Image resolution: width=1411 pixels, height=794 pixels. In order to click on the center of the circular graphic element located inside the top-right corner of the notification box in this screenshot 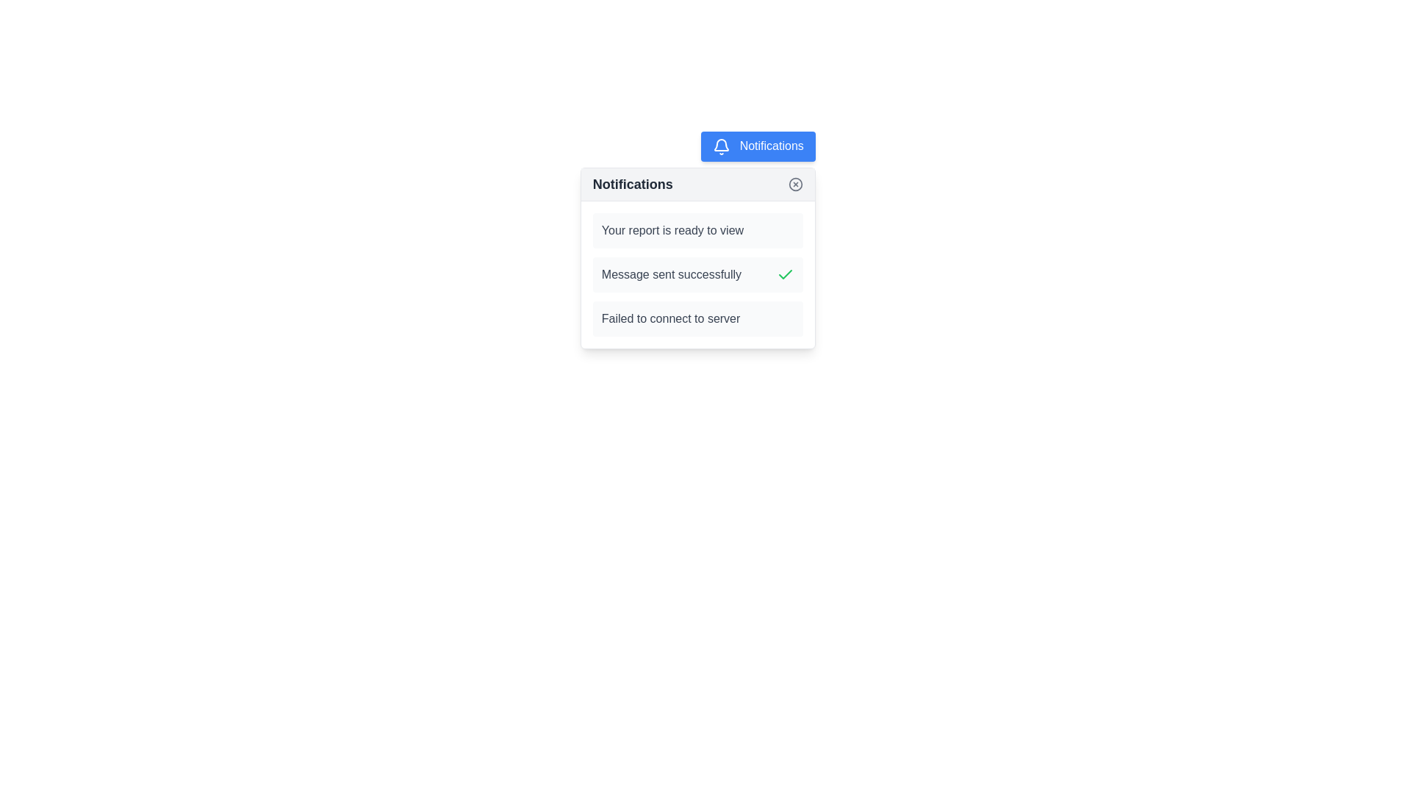, I will do `click(794, 183)`.